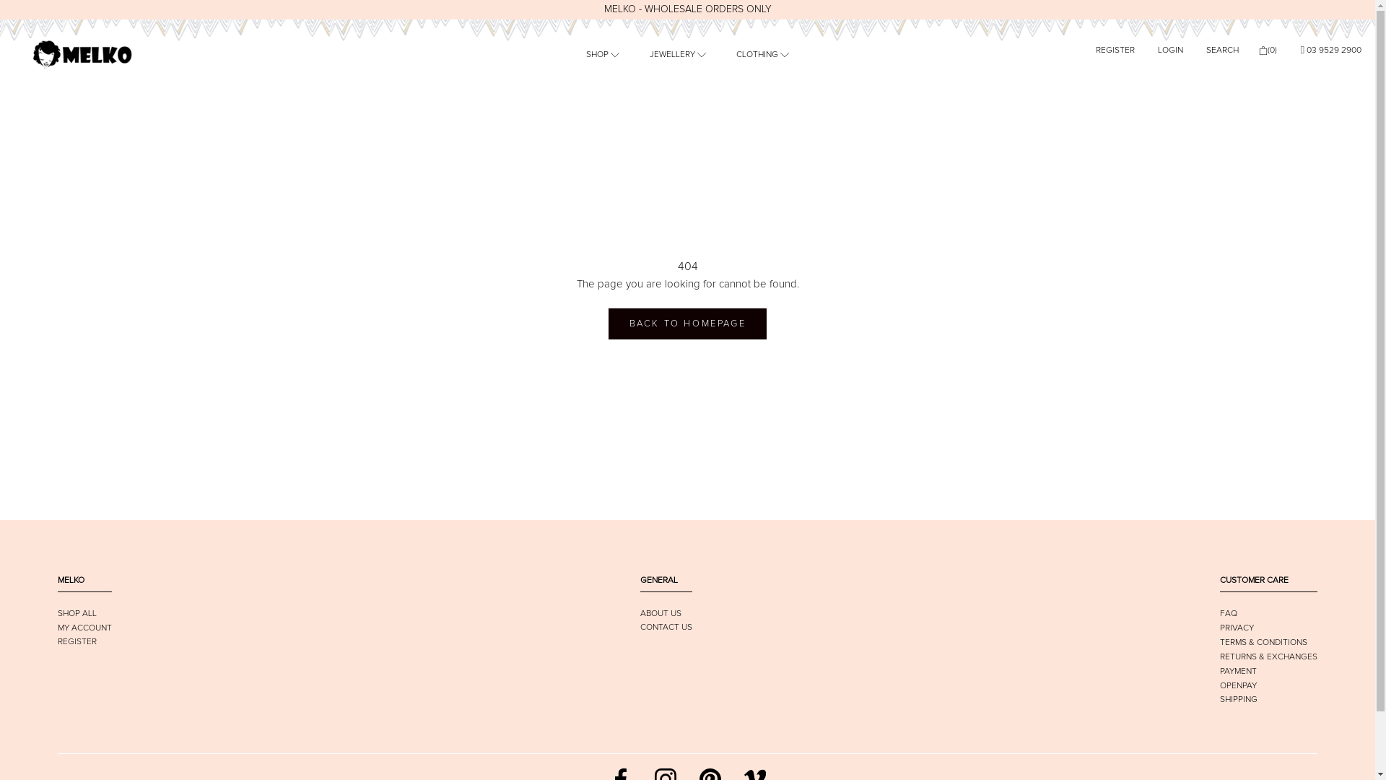 This screenshot has width=1386, height=780. Describe the element at coordinates (677, 54) in the screenshot. I see `'JEWELLERY` at that location.